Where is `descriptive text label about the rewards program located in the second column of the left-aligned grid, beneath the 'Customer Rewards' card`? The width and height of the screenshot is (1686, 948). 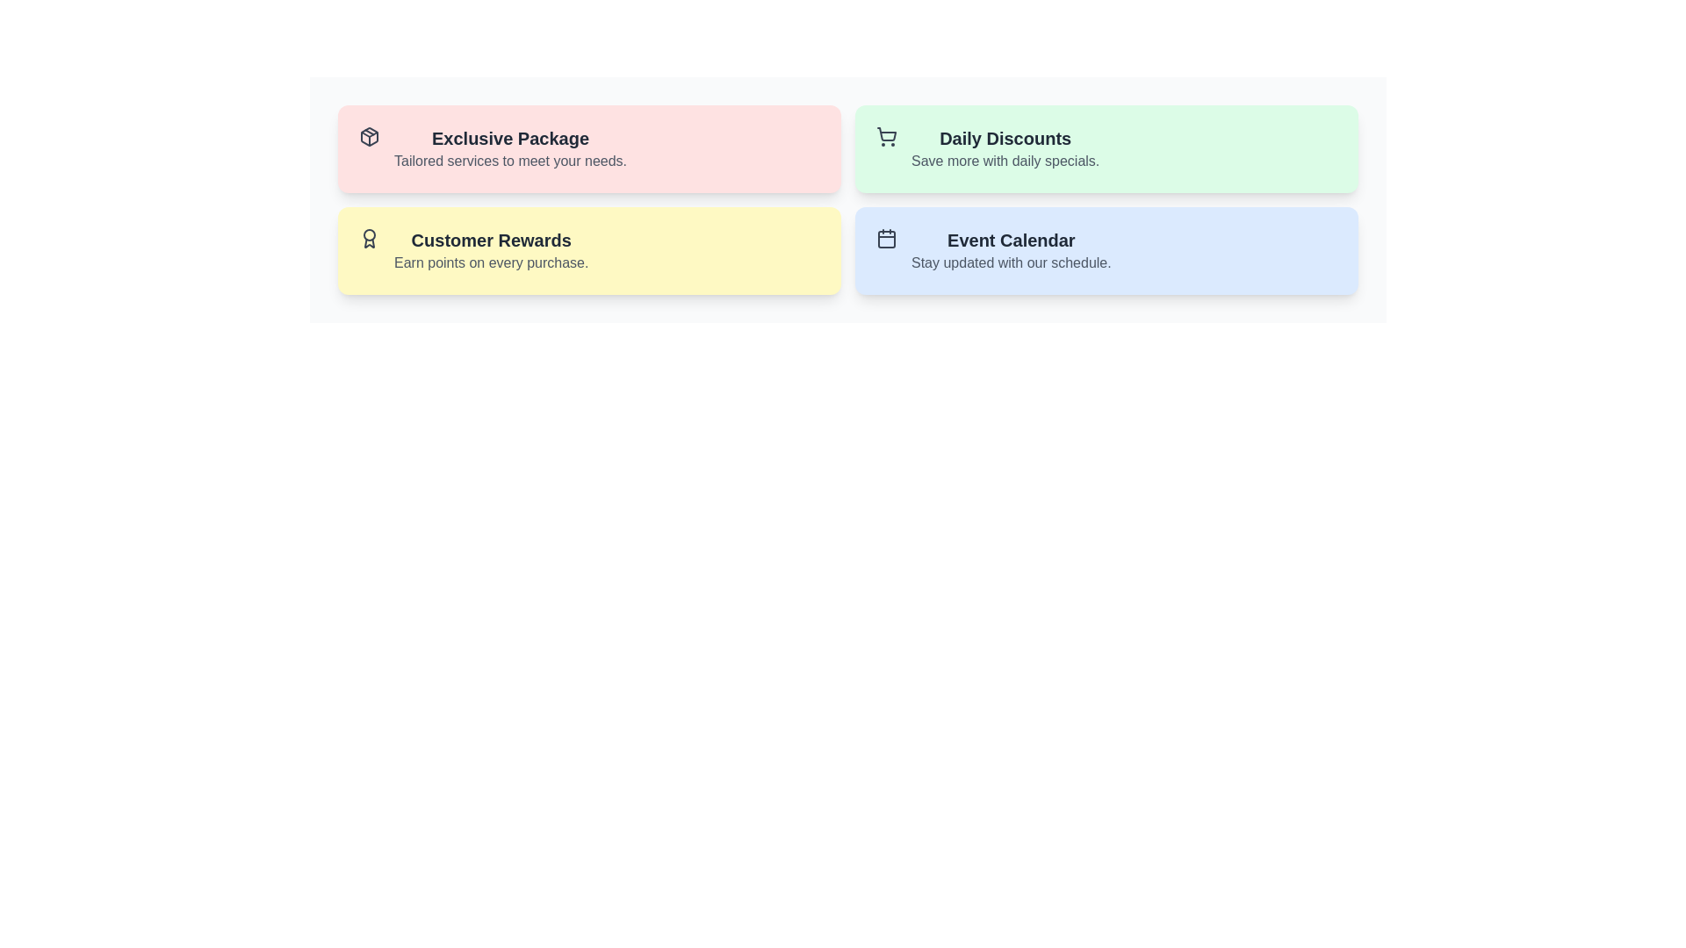 descriptive text label about the rewards program located in the second column of the left-aligned grid, beneath the 'Customer Rewards' card is located at coordinates (491, 263).